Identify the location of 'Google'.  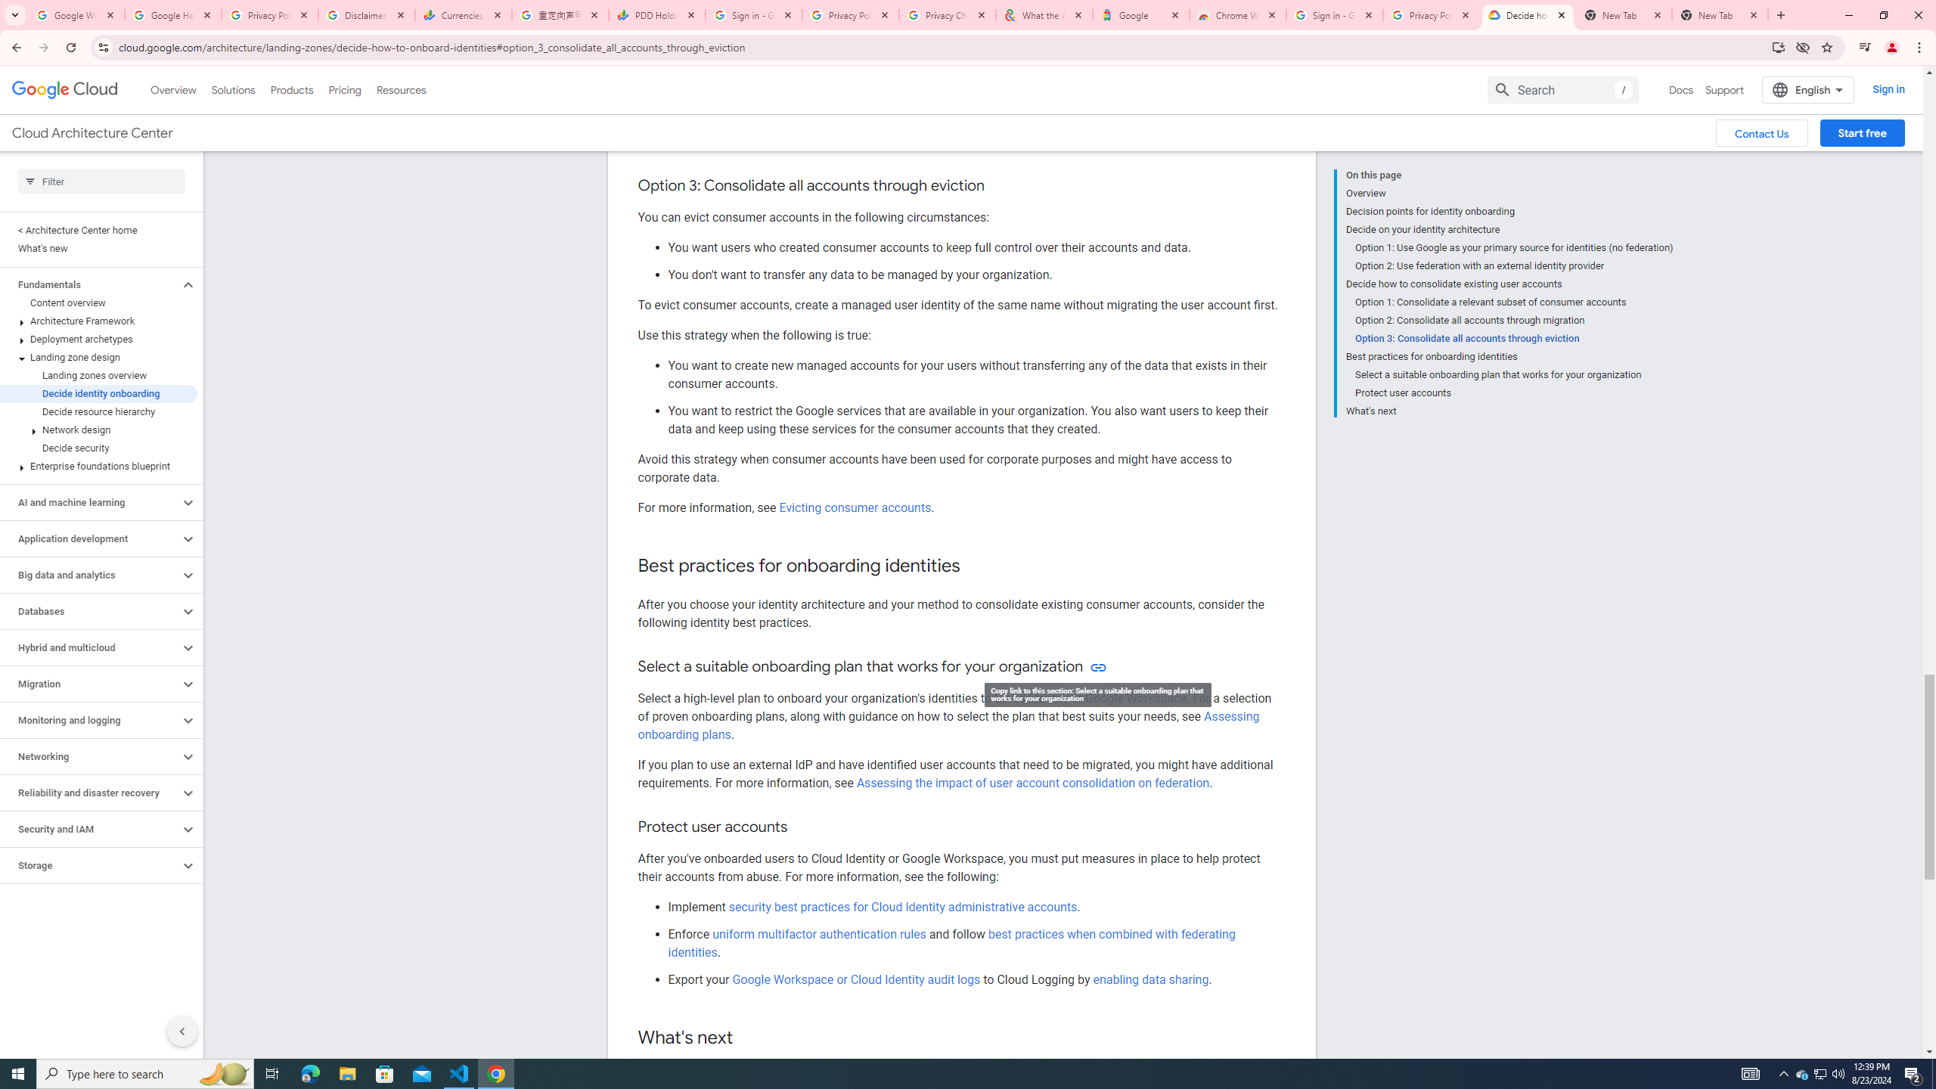
(1140, 14).